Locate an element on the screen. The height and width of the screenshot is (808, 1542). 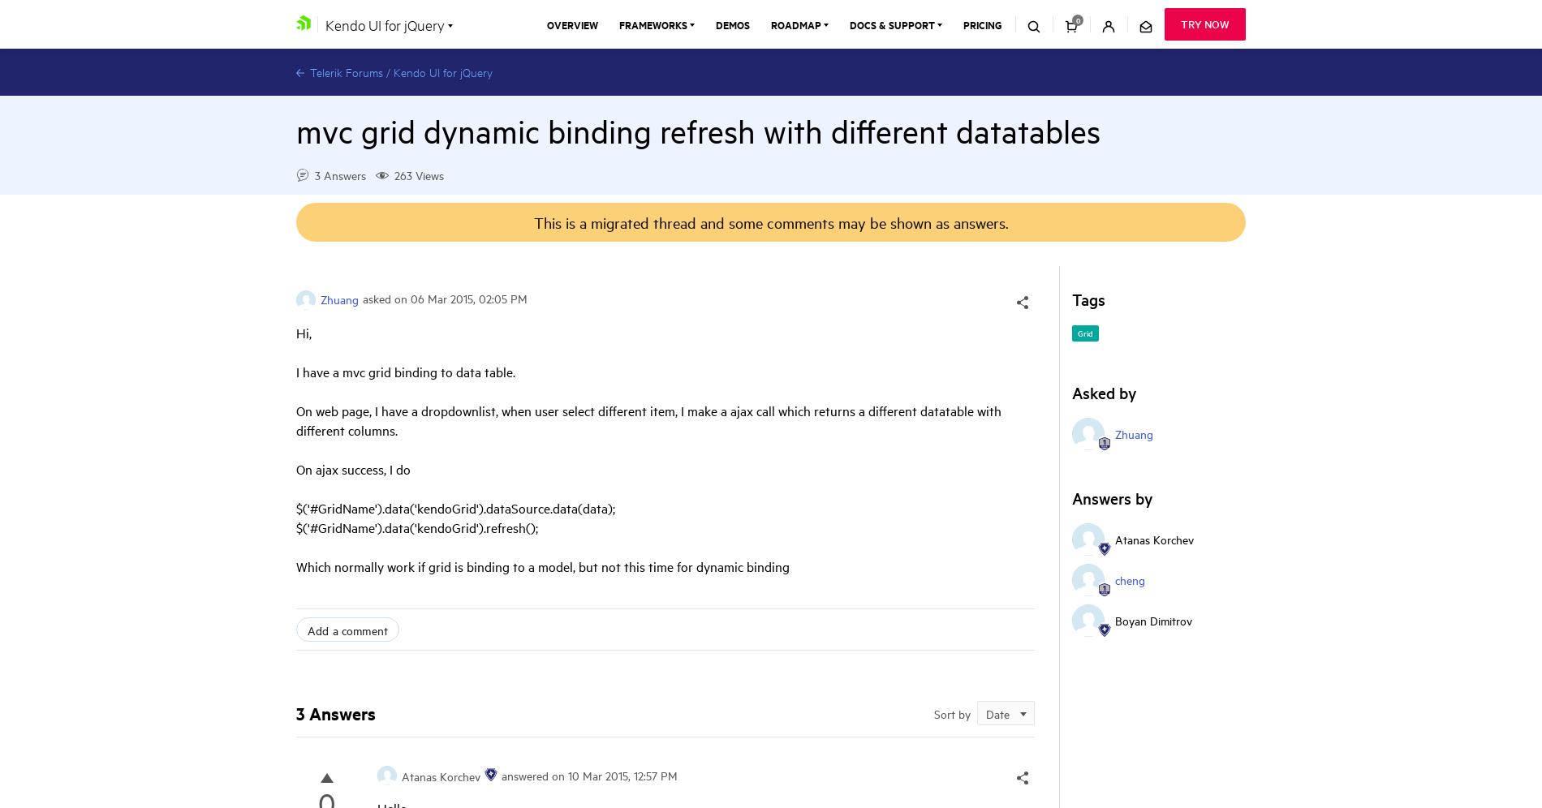
'mvc grid dynamic binding refresh with different datatables' is located at coordinates (697, 130).